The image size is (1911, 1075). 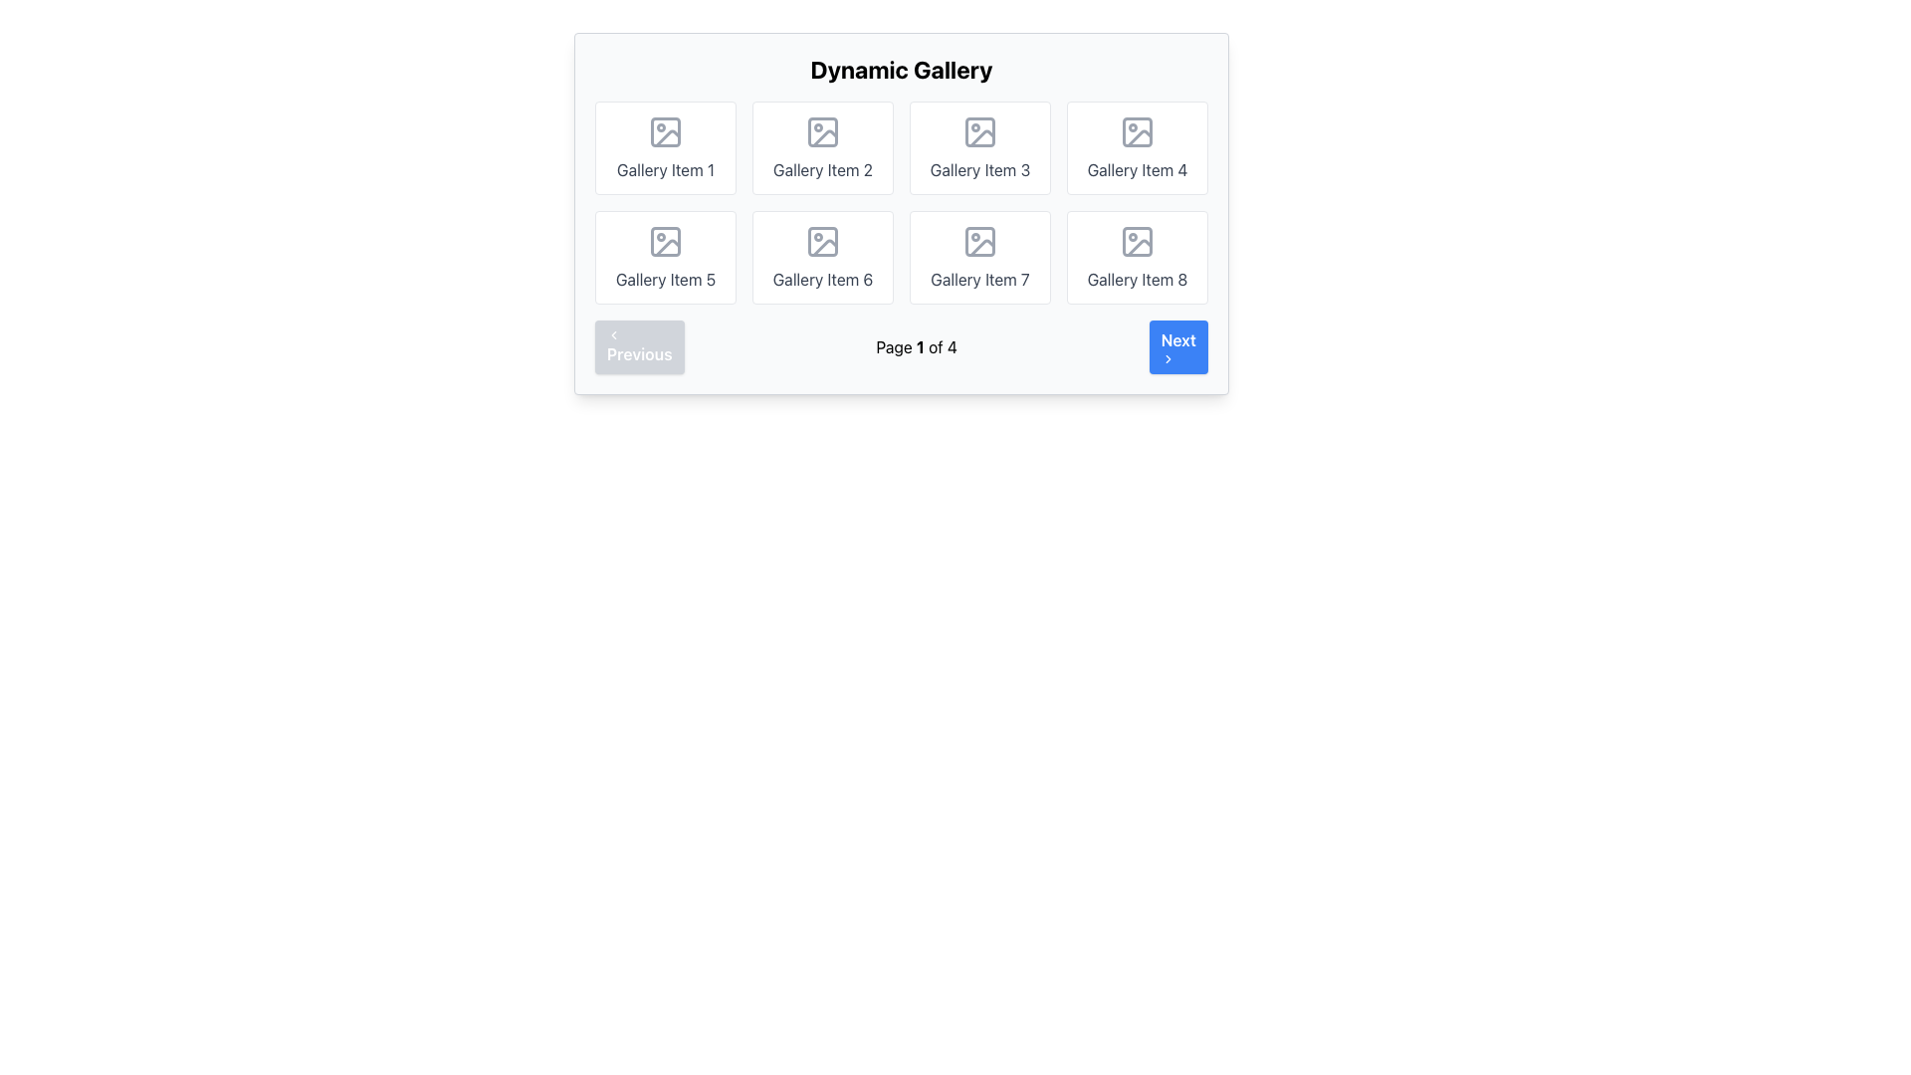 What do you see at coordinates (639, 345) in the screenshot?
I see `the button on the left side of the pagination controls in the Dynamic Gallery section` at bounding box center [639, 345].